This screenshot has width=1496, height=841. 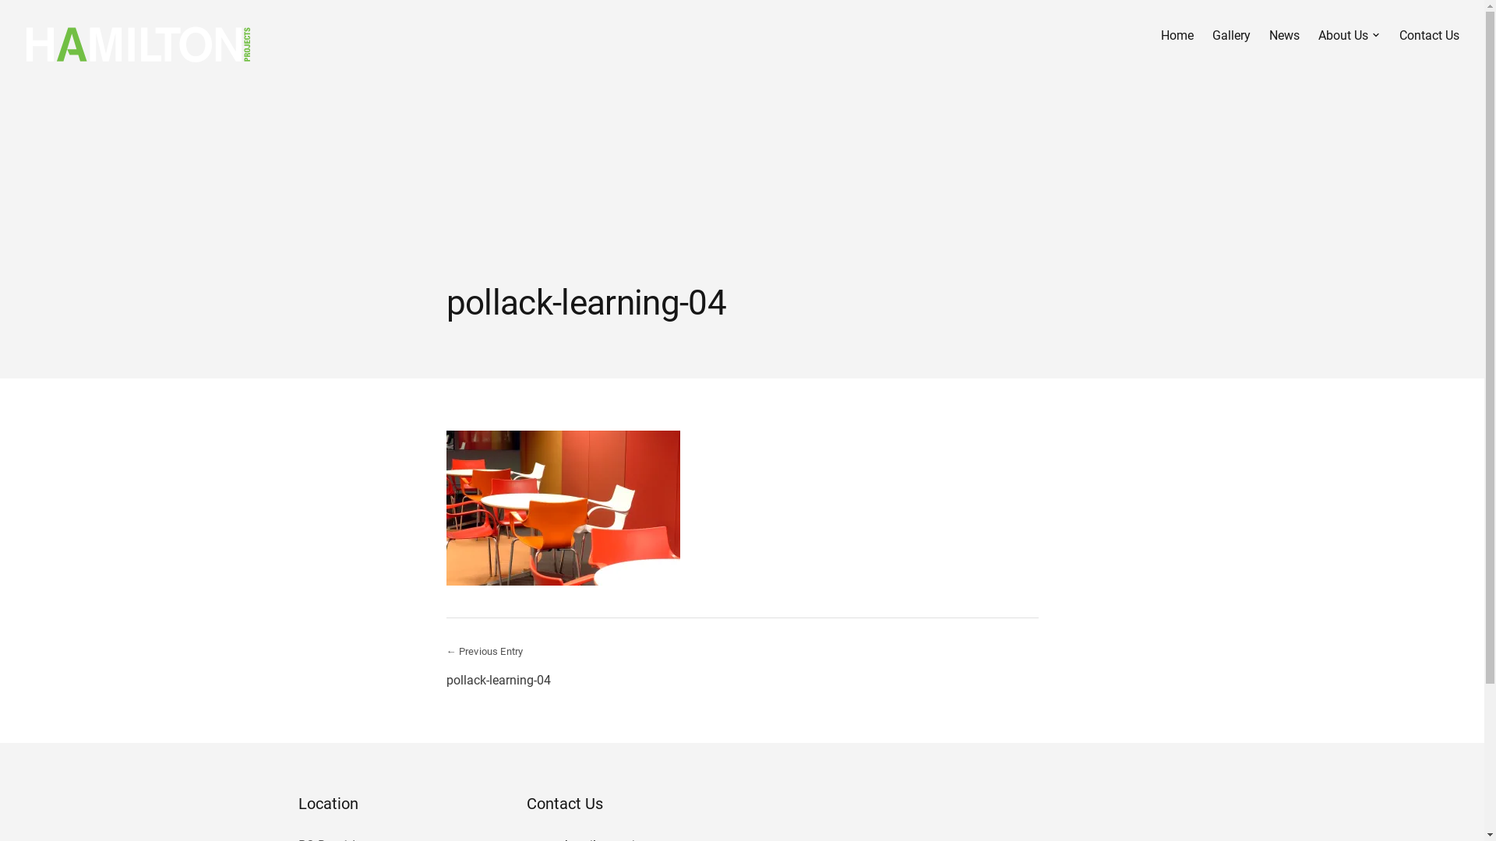 I want to click on 'Previous Entry, so click(x=444, y=665).